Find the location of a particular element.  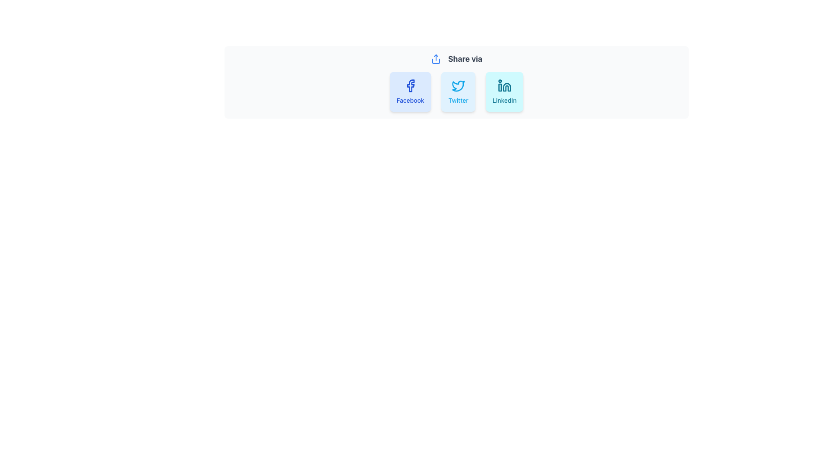

the Facebook icon, which is a minimalistic blue-toned graphical depiction located within the 'Share via' section as the left-most button is located at coordinates (410, 86).